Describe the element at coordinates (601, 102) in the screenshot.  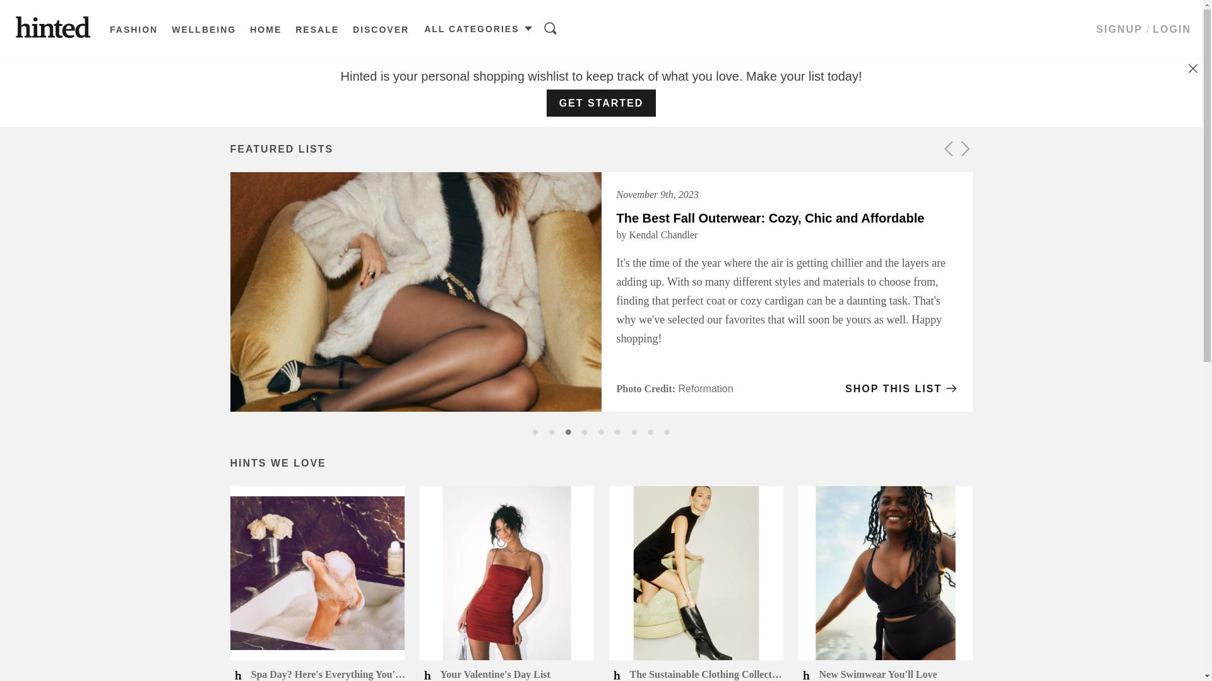
I see `'GET STARTED'` at that location.